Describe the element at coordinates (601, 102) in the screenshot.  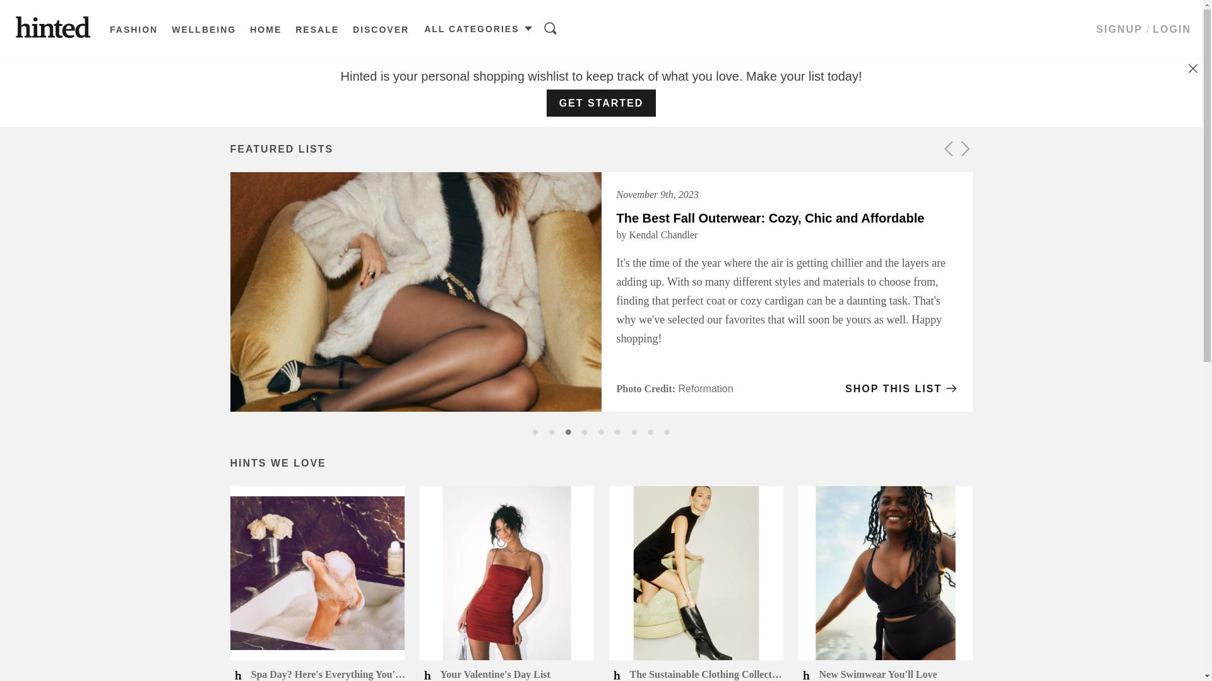
I see `'GET STARTED'` at that location.